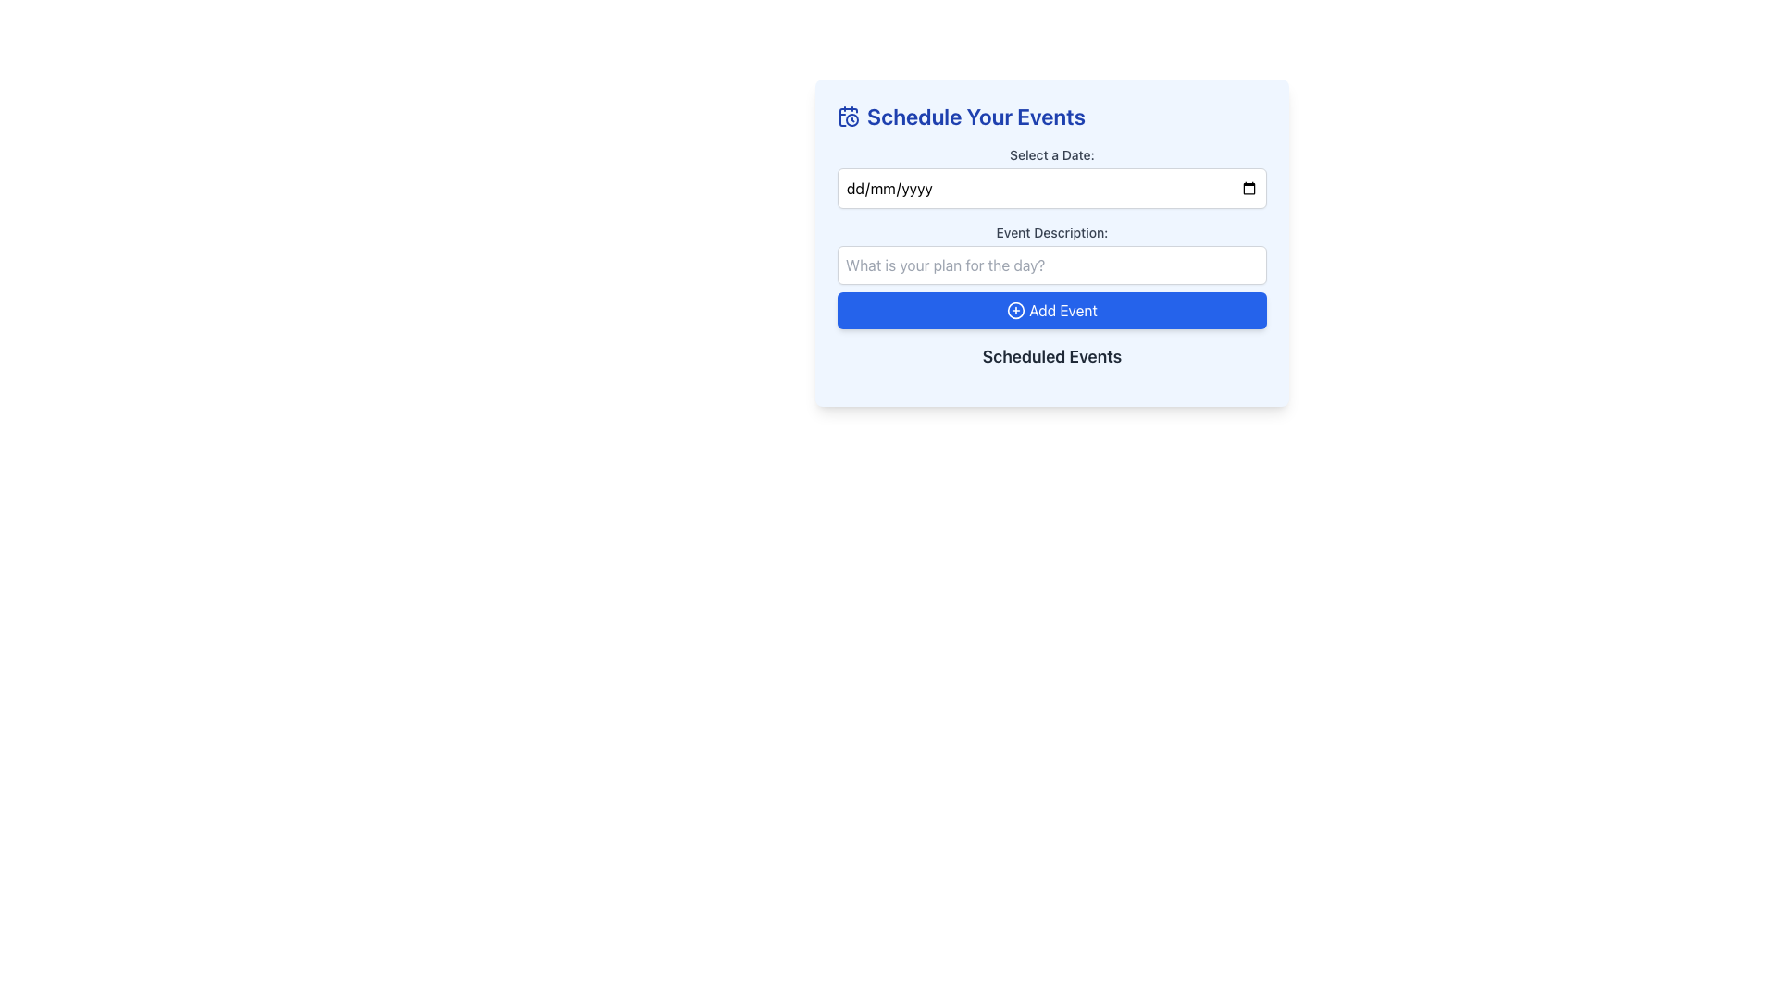  I want to click on circle SVG component that is part of the 'Add Event' button located beneath the 'Event Description' input field, so click(1015, 309).